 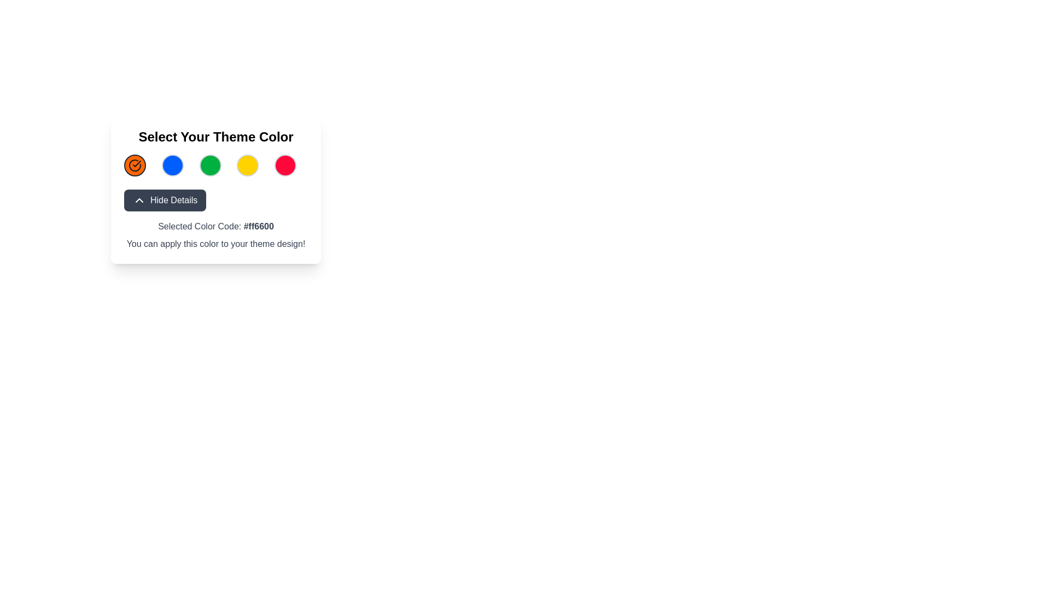 What do you see at coordinates (215, 244) in the screenshot?
I see `the informational Text Label that guides the user about the relevance of the selected color for their theme design, located below 'Selected Color Code: #ff6600'` at bounding box center [215, 244].